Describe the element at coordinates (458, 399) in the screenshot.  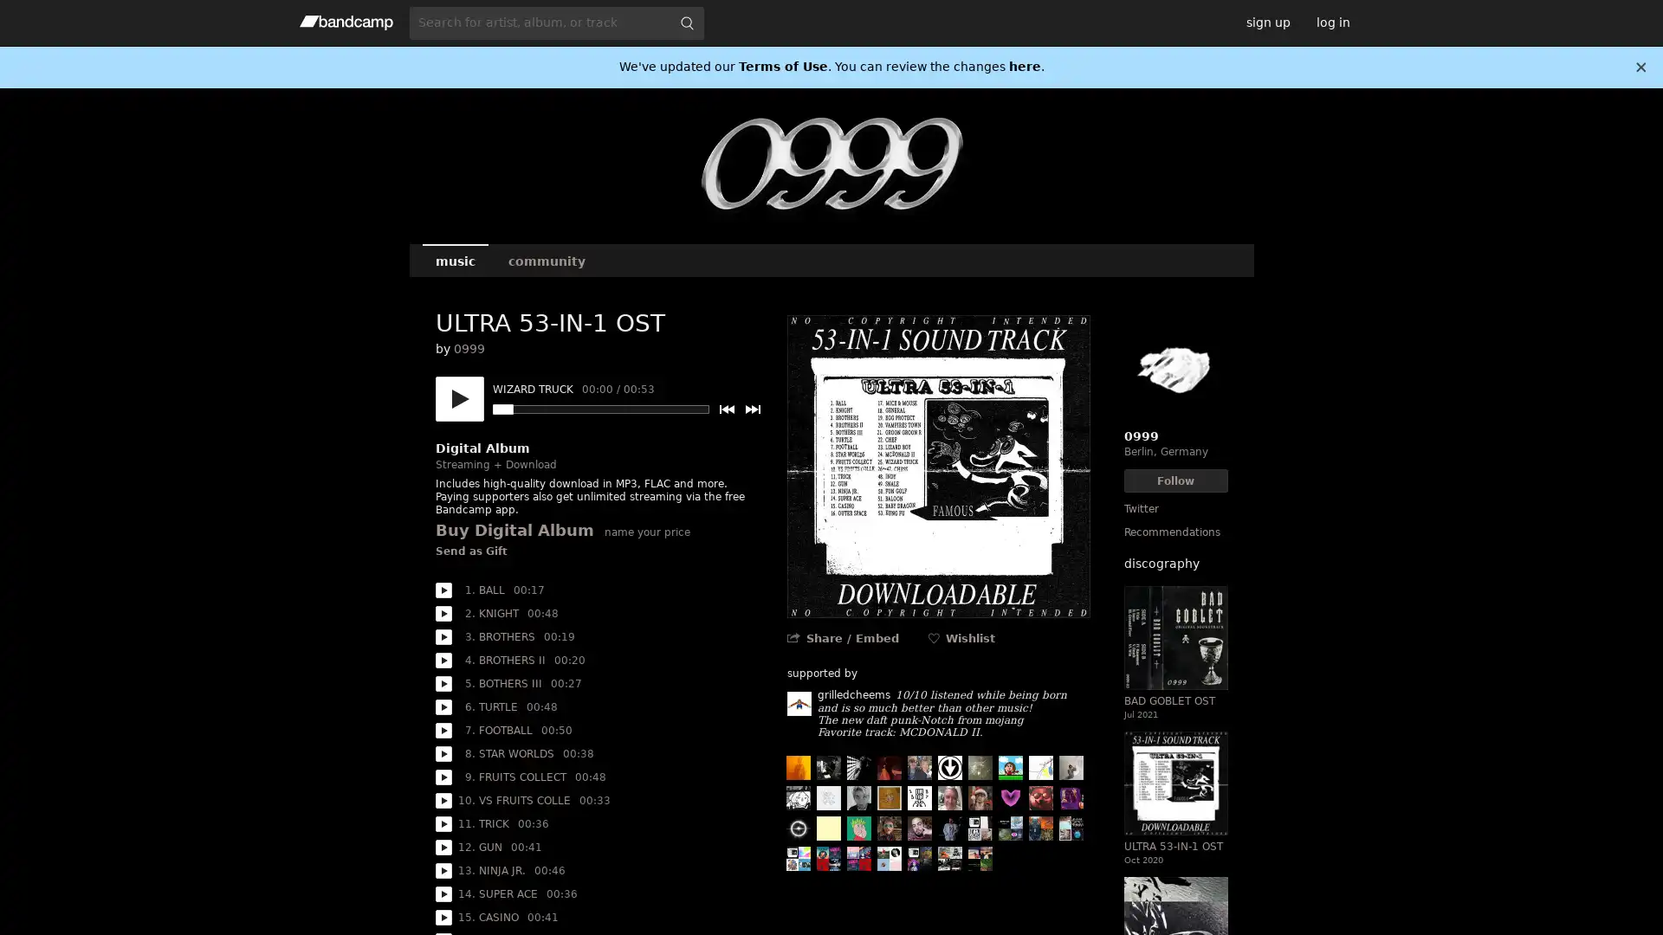
I see `Play/pause` at that location.